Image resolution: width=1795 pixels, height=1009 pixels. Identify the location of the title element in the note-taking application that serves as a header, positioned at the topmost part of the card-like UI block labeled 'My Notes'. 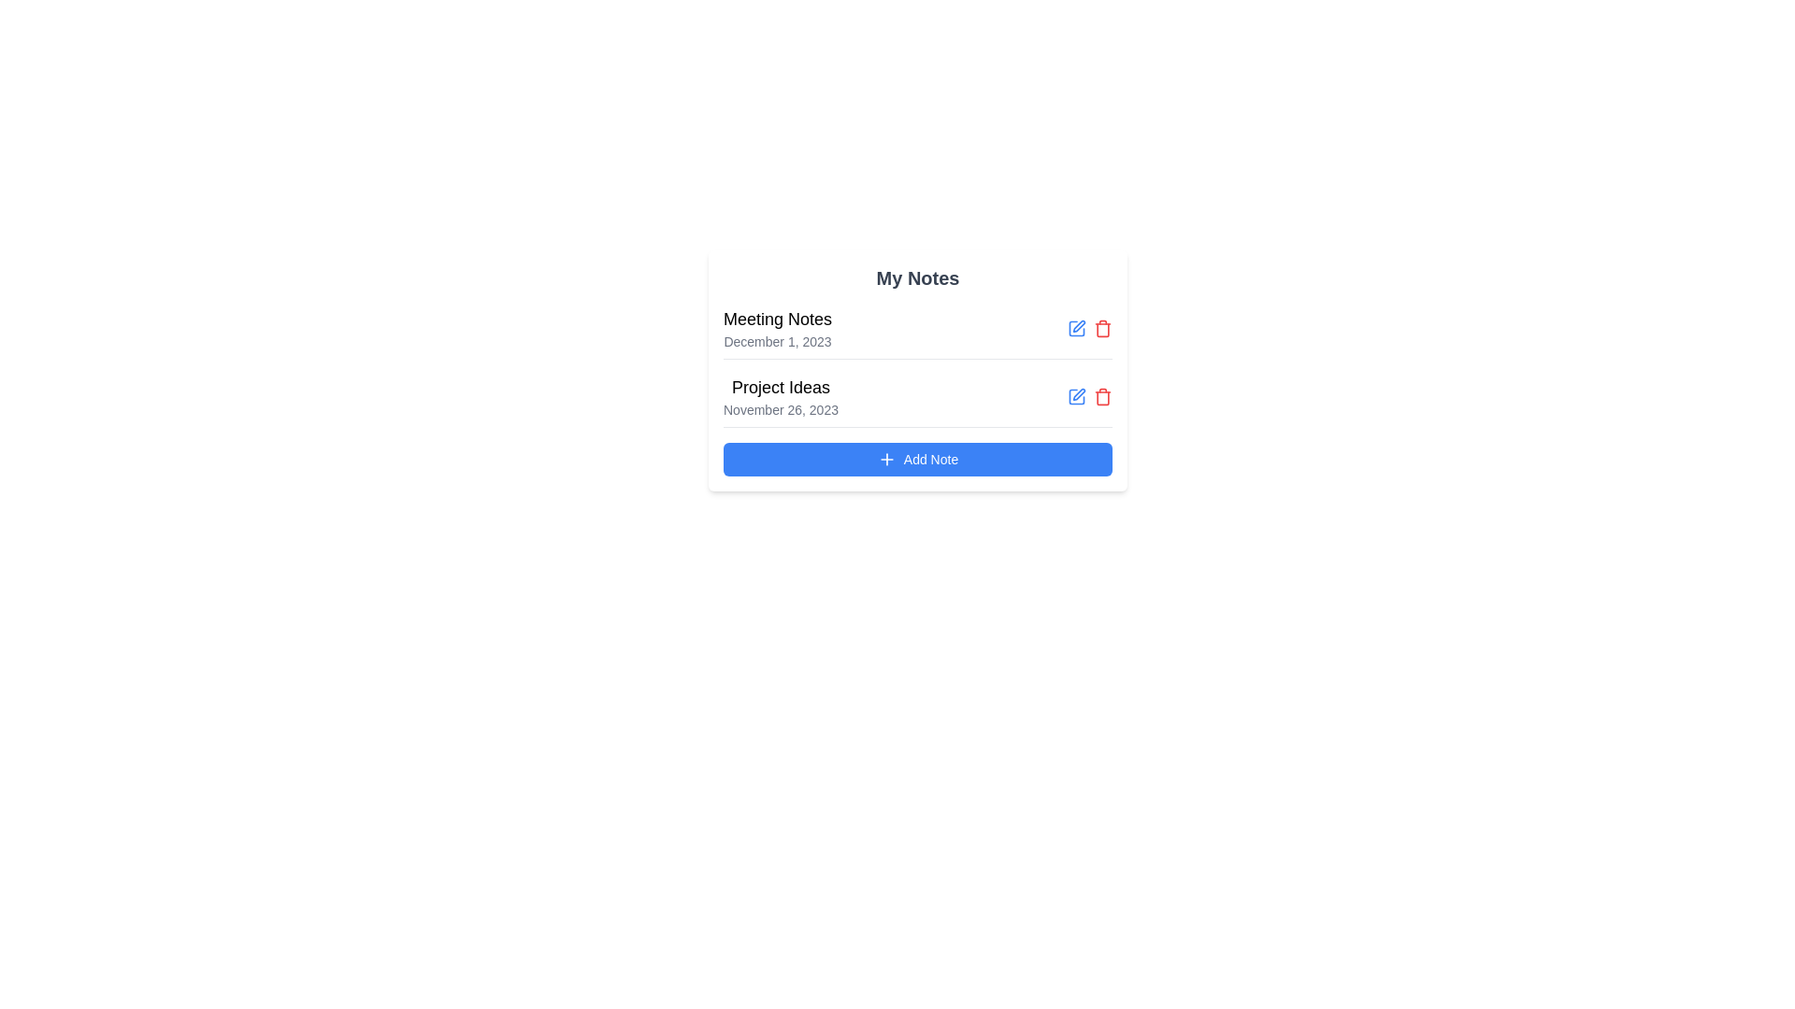
(777, 319).